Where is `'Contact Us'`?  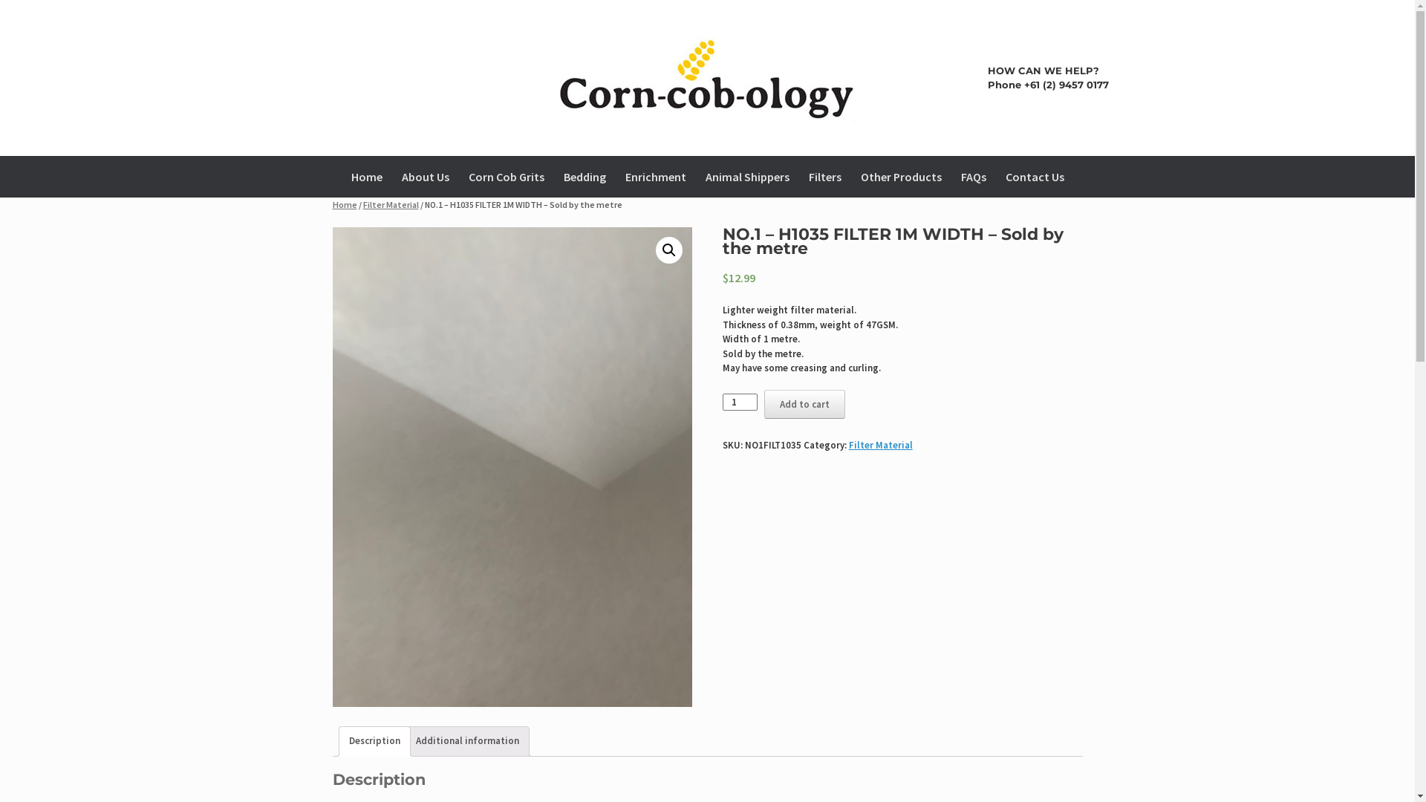 'Contact Us' is located at coordinates (1033, 176).